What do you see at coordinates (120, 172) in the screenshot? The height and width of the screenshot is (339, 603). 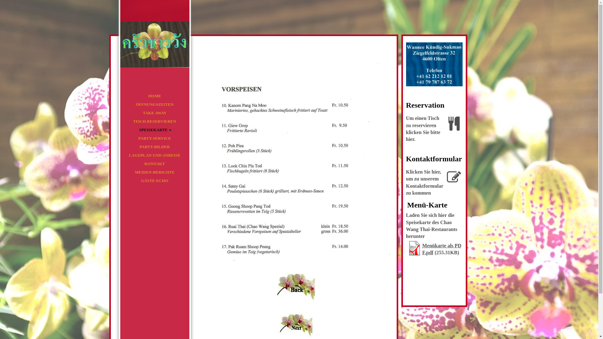 I see `'MEDIEN-BERICHTE'` at bounding box center [120, 172].